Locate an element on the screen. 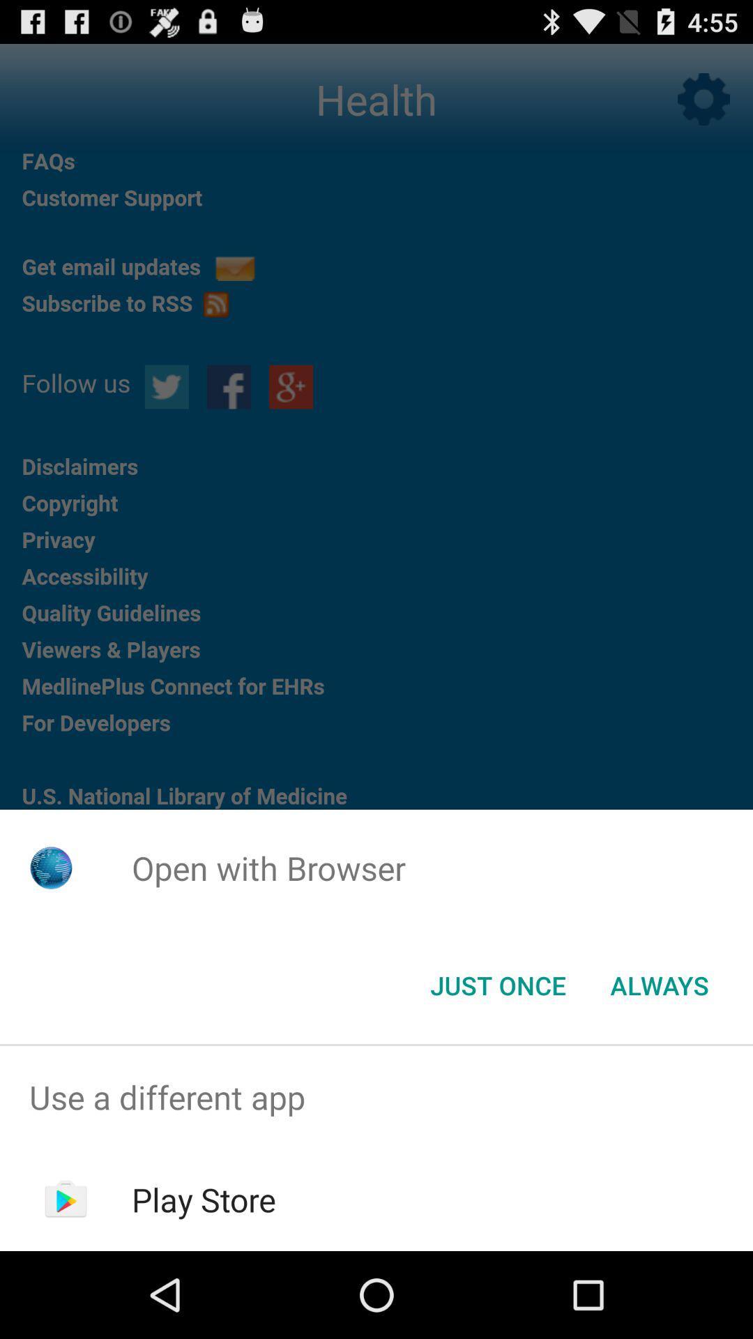 The image size is (753, 1339). play store is located at coordinates (204, 1199).